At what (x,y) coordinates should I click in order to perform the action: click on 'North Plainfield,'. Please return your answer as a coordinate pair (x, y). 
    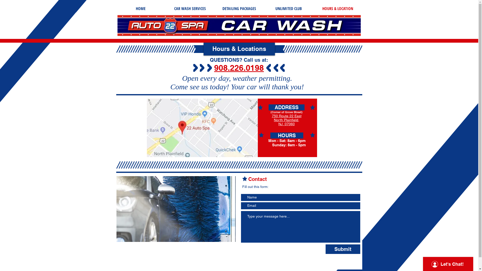
    Looking at the image, I should click on (286, 120).